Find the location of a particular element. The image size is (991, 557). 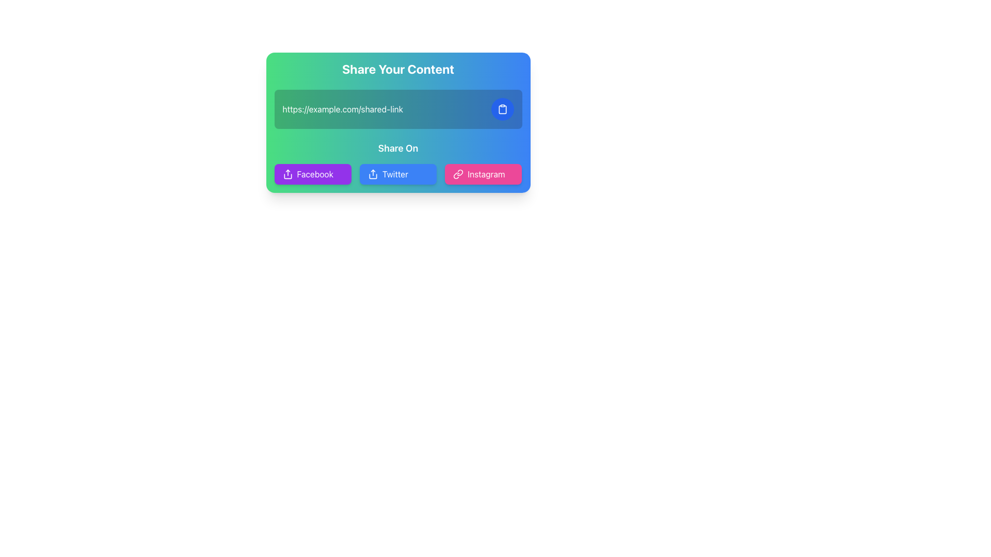

the Twitter share button located within a card structure, positioned between the Facebook and Instagram buttons is located at coordinates (397, 174).